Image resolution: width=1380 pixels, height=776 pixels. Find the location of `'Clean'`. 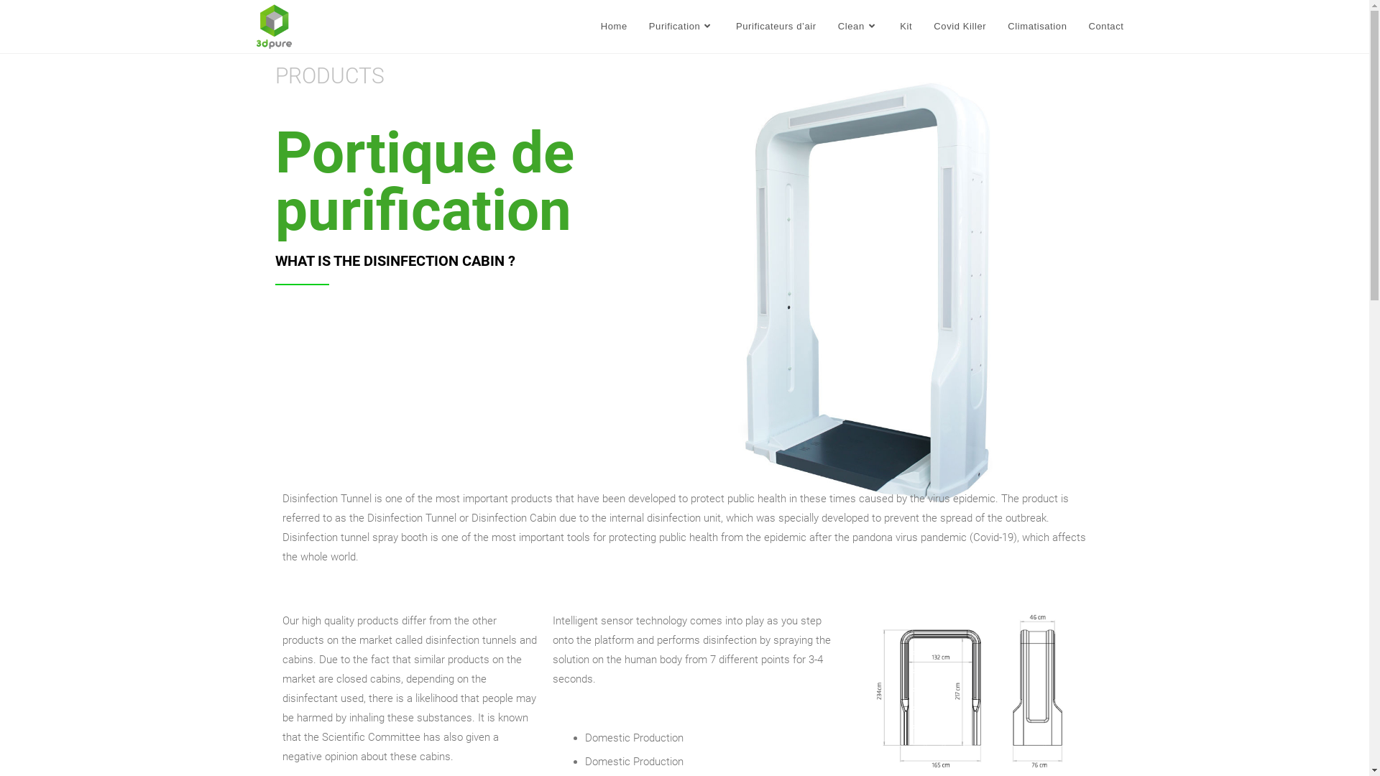

'Clean' is located at coordinates (827, 27).